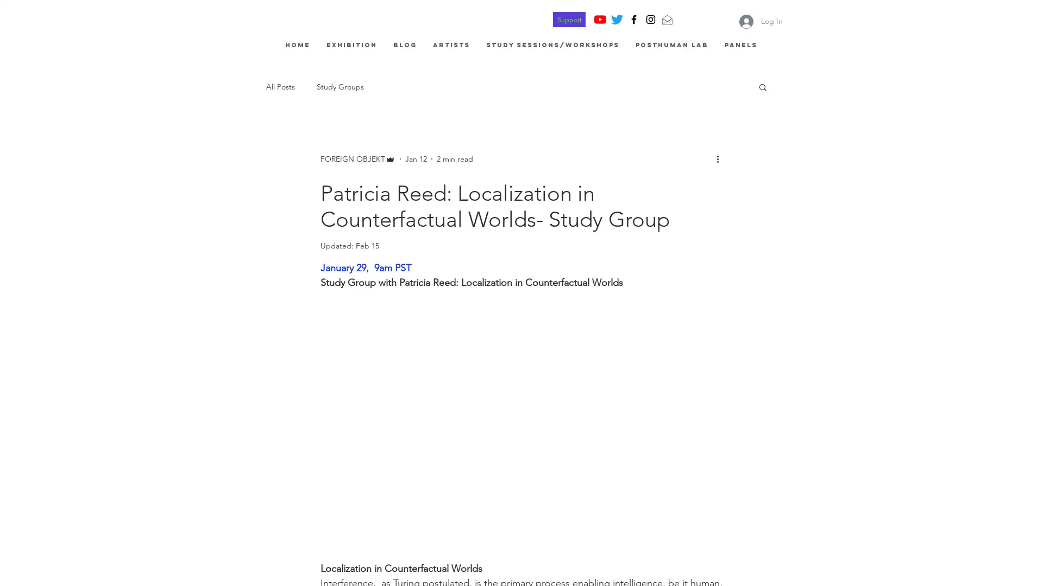 This screenshot has width=1043, height=586. What do you see at coordinates (721, 158) in the screenshot?
I see `More actions` at bounding box center [721, 158].